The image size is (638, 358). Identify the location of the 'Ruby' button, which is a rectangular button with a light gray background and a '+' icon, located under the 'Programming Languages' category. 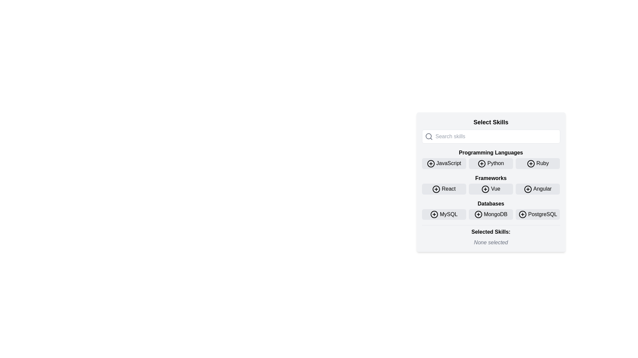
(538, 163).